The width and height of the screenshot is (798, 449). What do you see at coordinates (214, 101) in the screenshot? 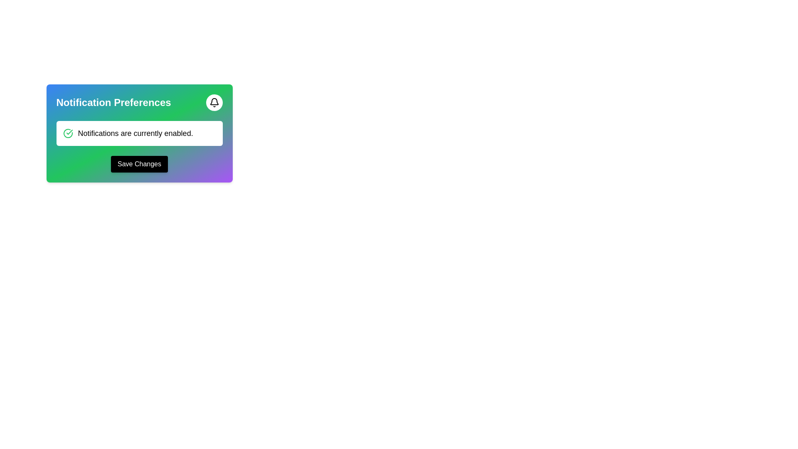
I see `the bell icon representing notification settings in the upper-right corner of the notification preferences dialog box` at bounding box center [214, 101].